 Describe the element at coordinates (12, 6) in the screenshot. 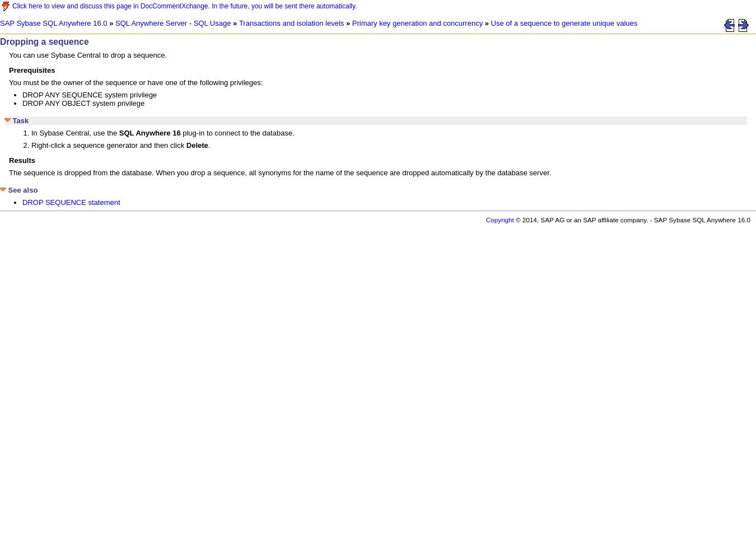

I see `'Click here to view and discuss this page in DocCommentXchange. In the future, you will be sent there automatically.'` at that location.